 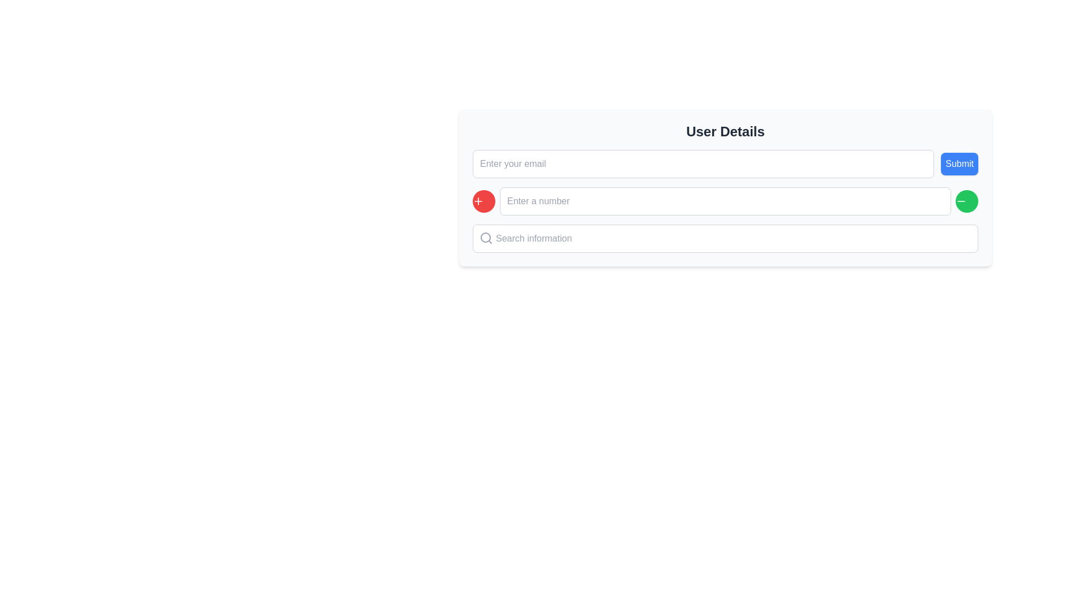 What do you see at coordinates (478, 200) in the screenshot?
I see `the plus icon within the red circular button located to the left of the 'Enter a number' text input field` at bounding box center [478, 200].